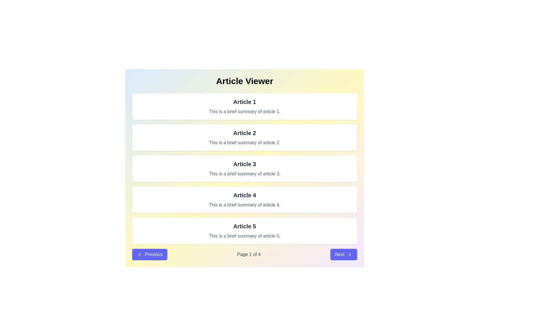  I want to click on the Static text title located at the top of the interface, which serves as a heading for the articles below it, so click(245, 81).